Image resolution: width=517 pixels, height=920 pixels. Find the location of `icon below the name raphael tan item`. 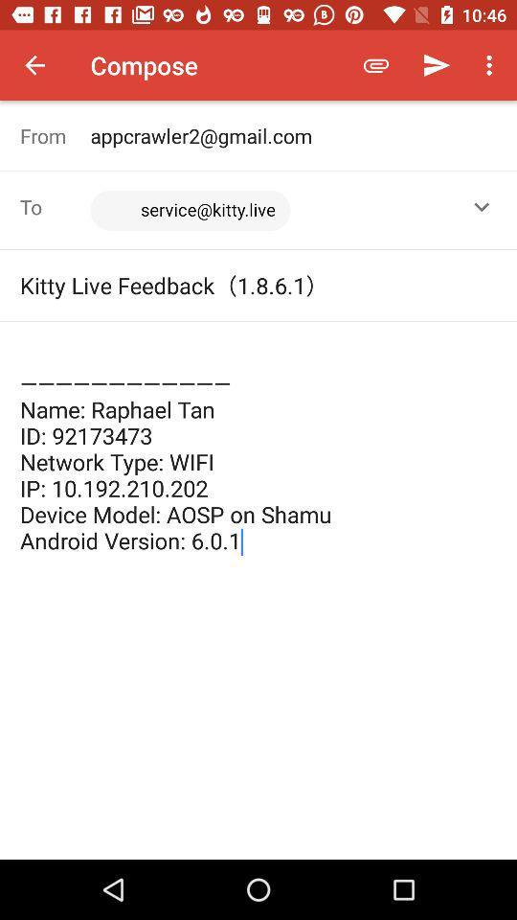

icon below the name raphael tan item is located at coordinates (258, 717).